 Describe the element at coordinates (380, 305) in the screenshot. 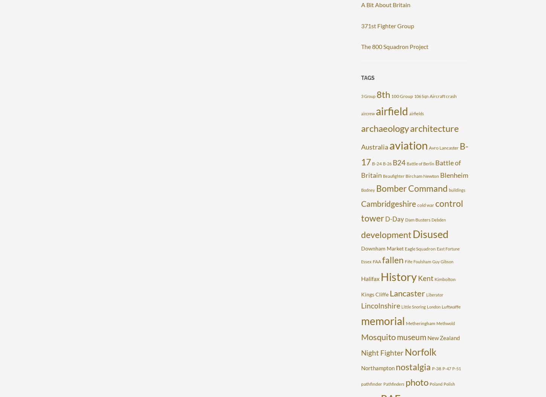

I see `'Lincolnshire'` at that location.